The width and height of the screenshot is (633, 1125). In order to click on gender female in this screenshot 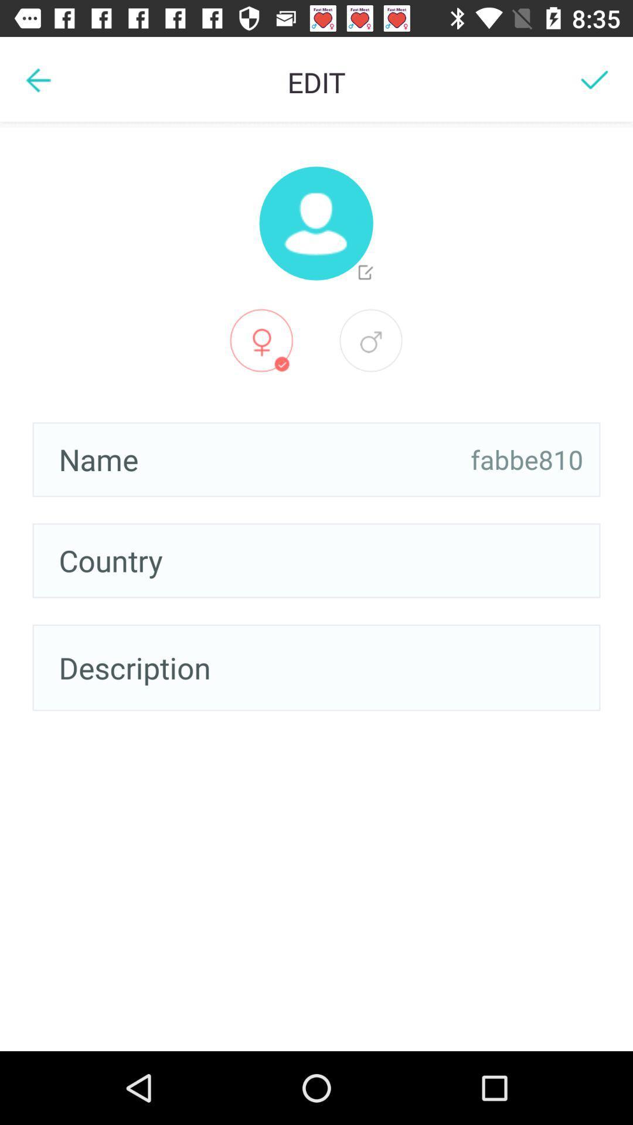, I will do `click(261, 340)`.